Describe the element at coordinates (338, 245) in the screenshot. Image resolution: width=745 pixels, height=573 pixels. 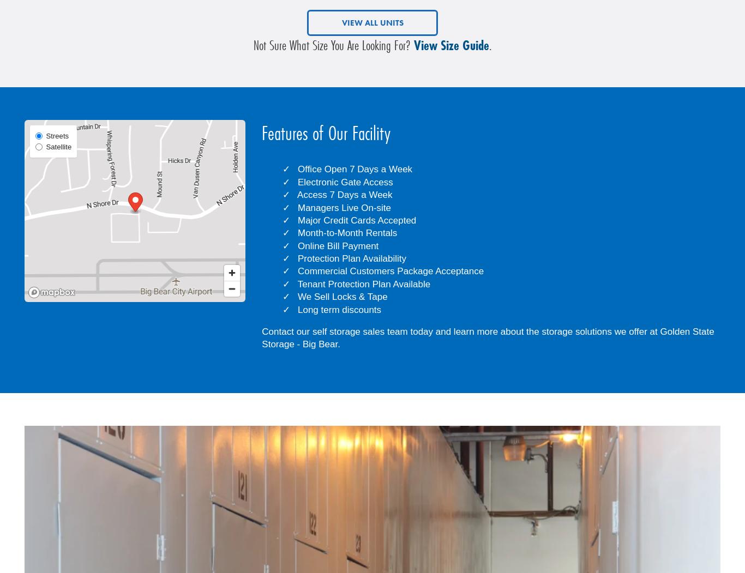
I see `'Online Bill Payment'` at that location.